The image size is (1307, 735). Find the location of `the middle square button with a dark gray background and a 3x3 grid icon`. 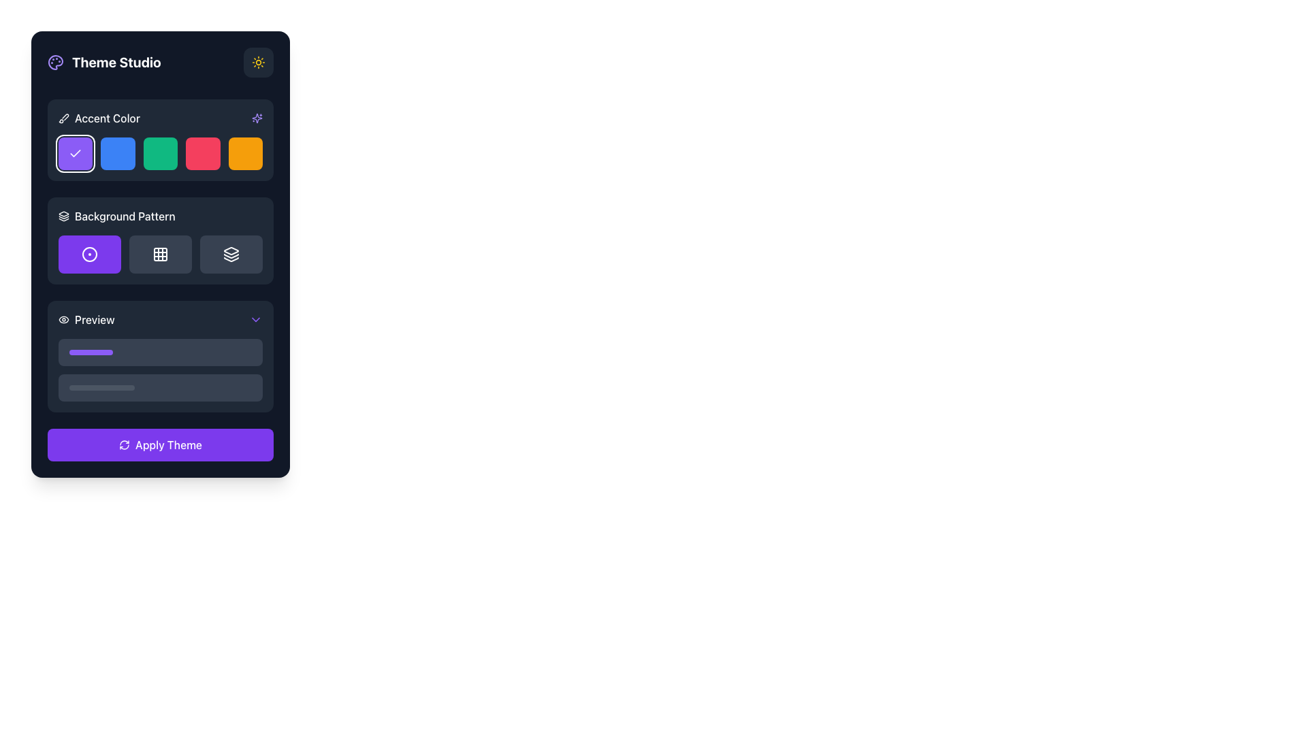

the middle square button with a dark gray background and a 3x3 grid icon is located at coordinates (160, 255).